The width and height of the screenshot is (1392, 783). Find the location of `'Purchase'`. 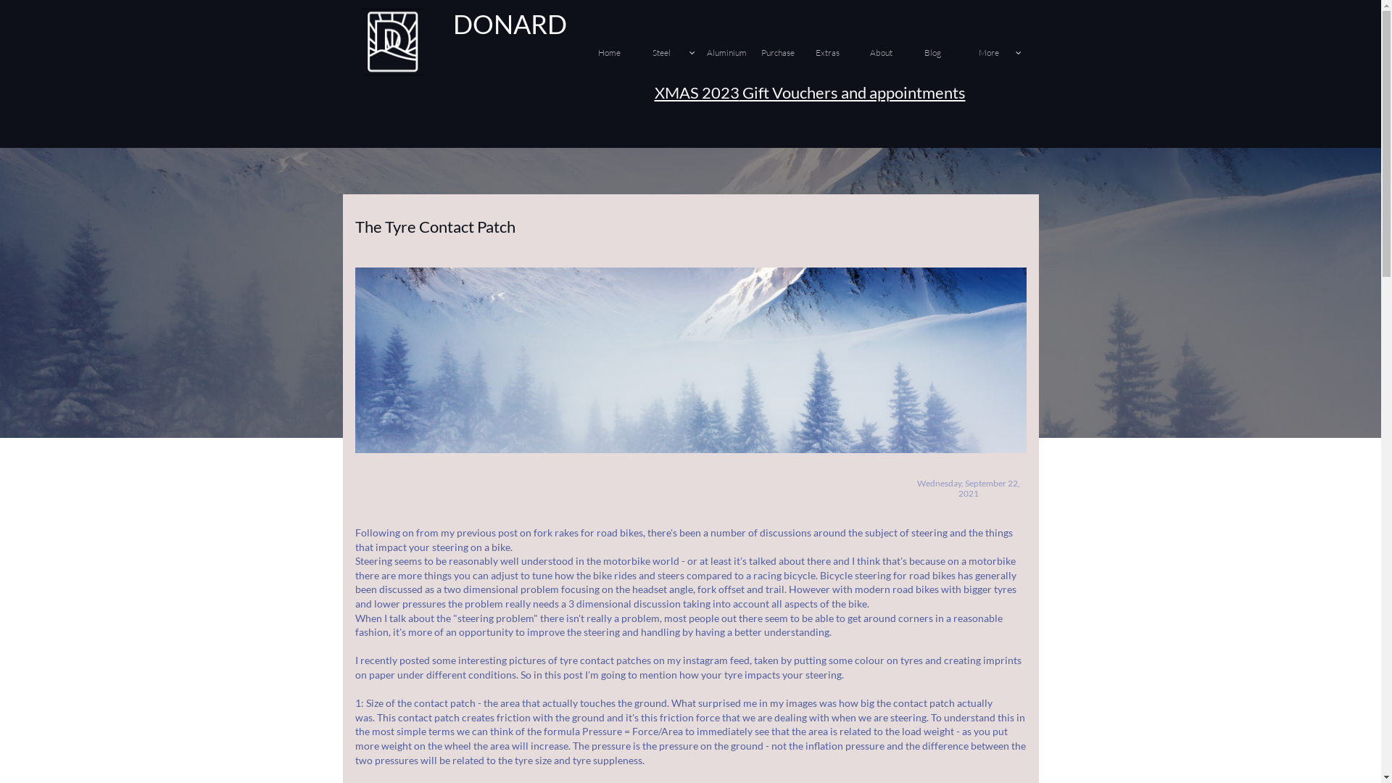

'Purchase' is located at coordinates (785, 52).